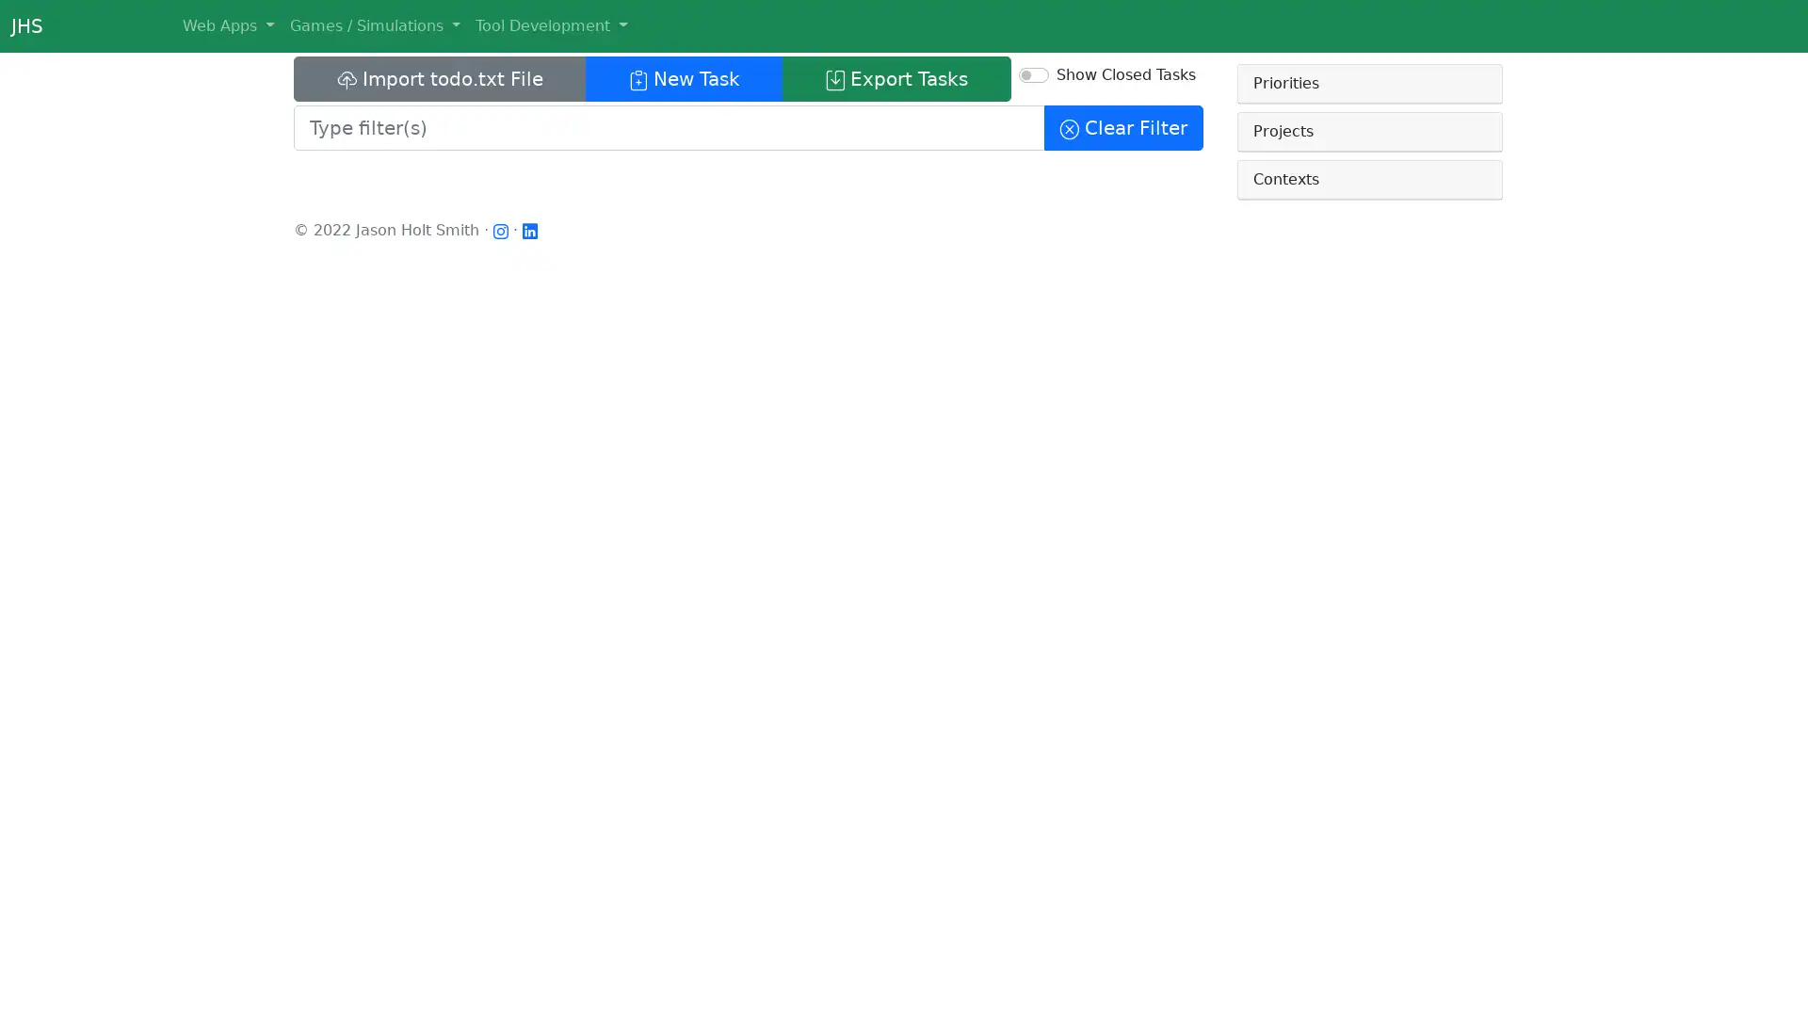  I want to click on Web Apps, so click(226, 25).